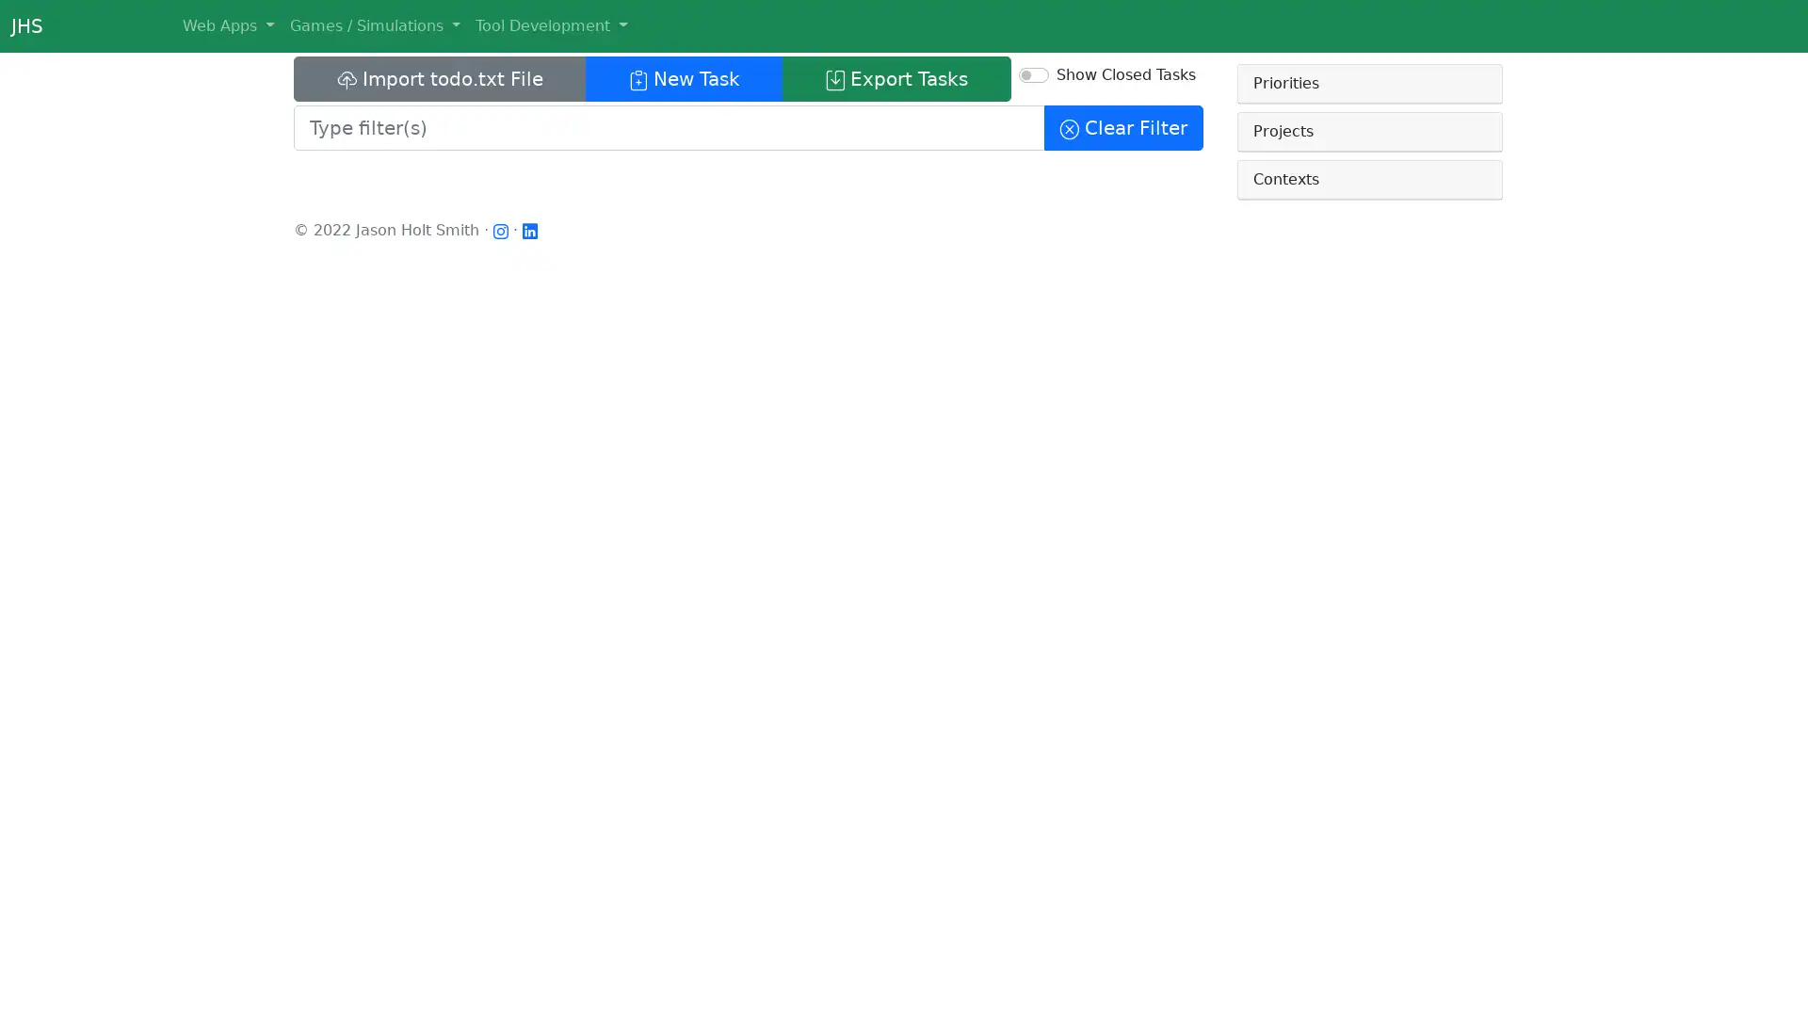  I want to click on Web Apps, so click(226, 25).